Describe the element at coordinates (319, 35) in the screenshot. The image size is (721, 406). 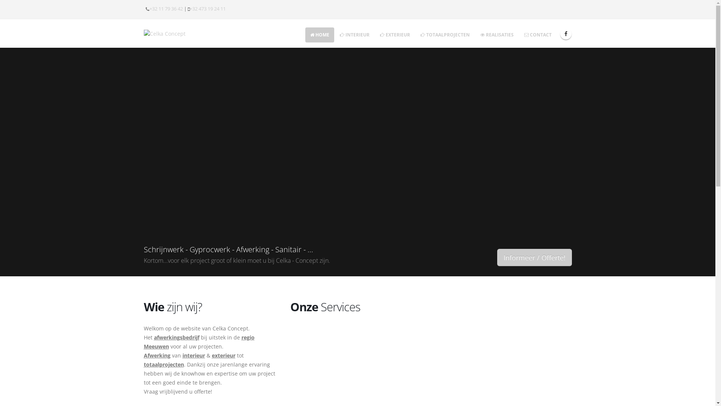
I see `'HOME'` at that location.